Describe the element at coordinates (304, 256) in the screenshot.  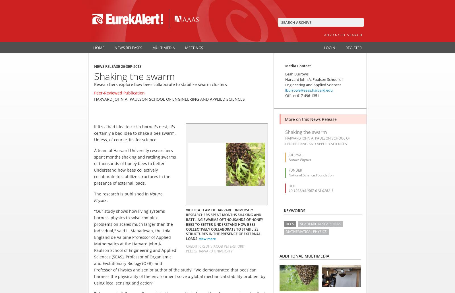
I see `'Additional Multimedia'` at that location.